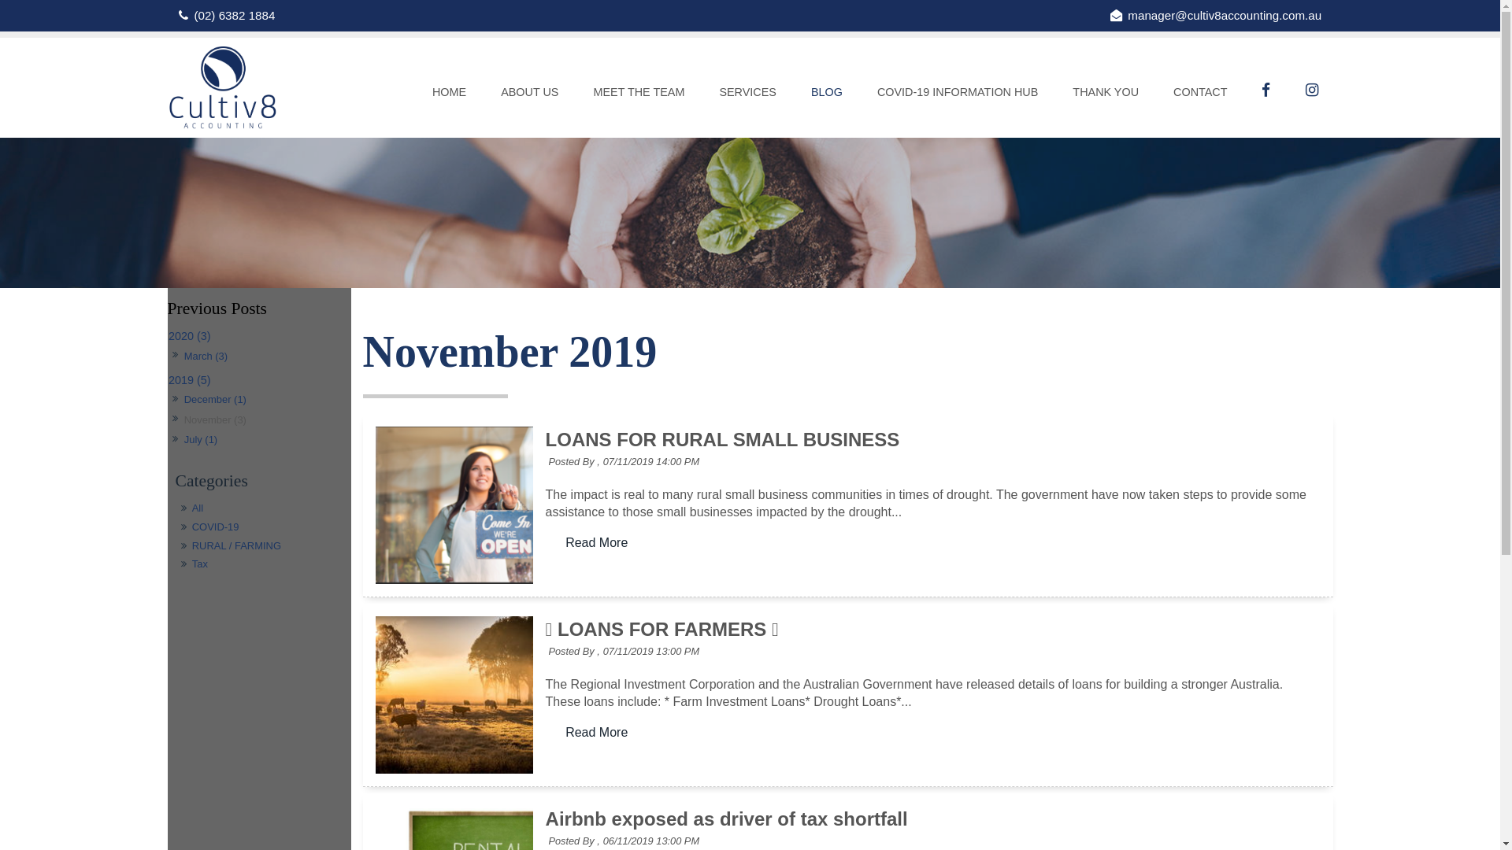  I want to click on 'All', so click(261, 508).